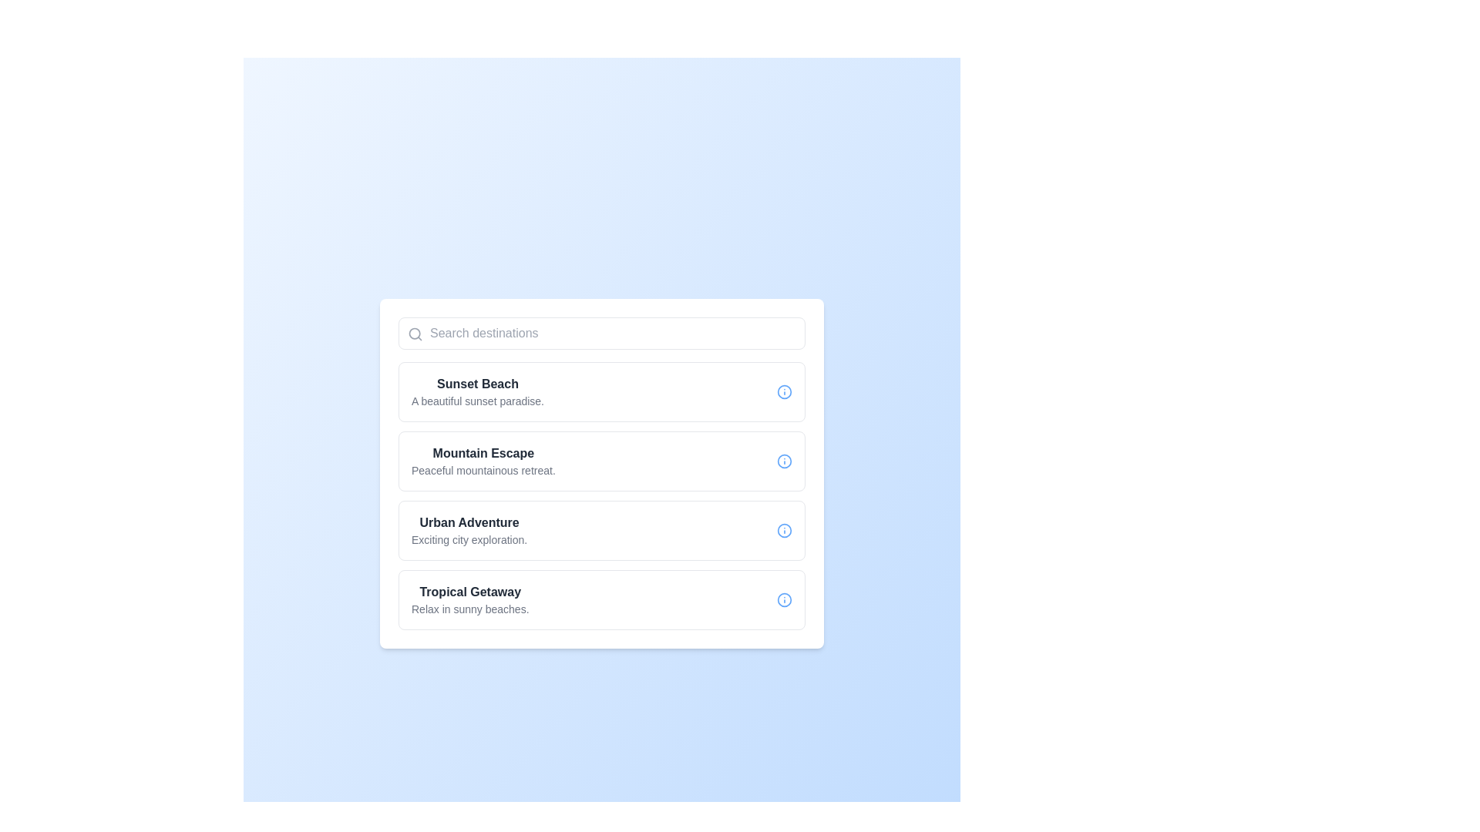  What do you see at coordinates (784, 530) in the screenshot?
I see `the circular blue icon with an information symbol located in the bottom-right corner of the 'Urban Adventure' list item` at bounding box center [784, 530].